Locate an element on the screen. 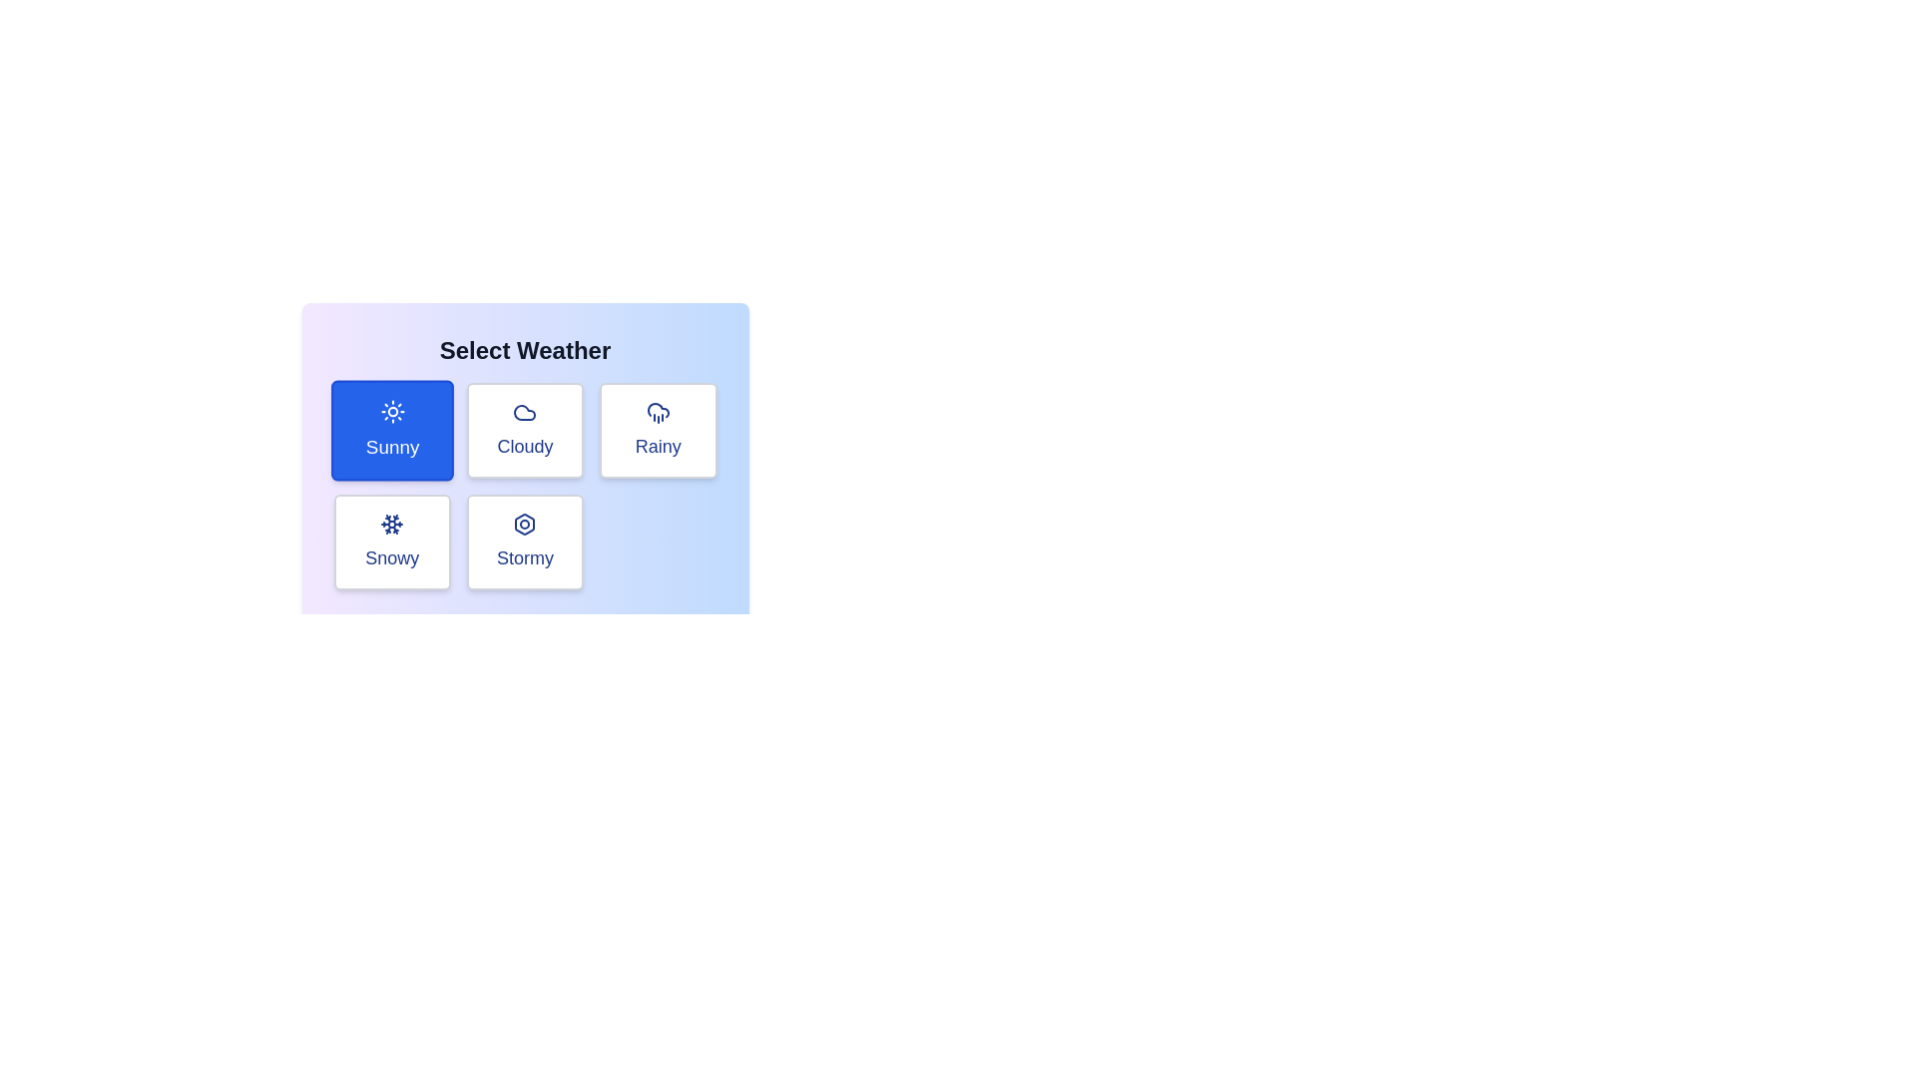 The width and height of the screenshot is (1916, 1077). the sun-shaped icon representing the 'Sunny' weather option located under the 'Select Weather' title in the upper-left corner of the options grid is located at coordinates (392, 411).